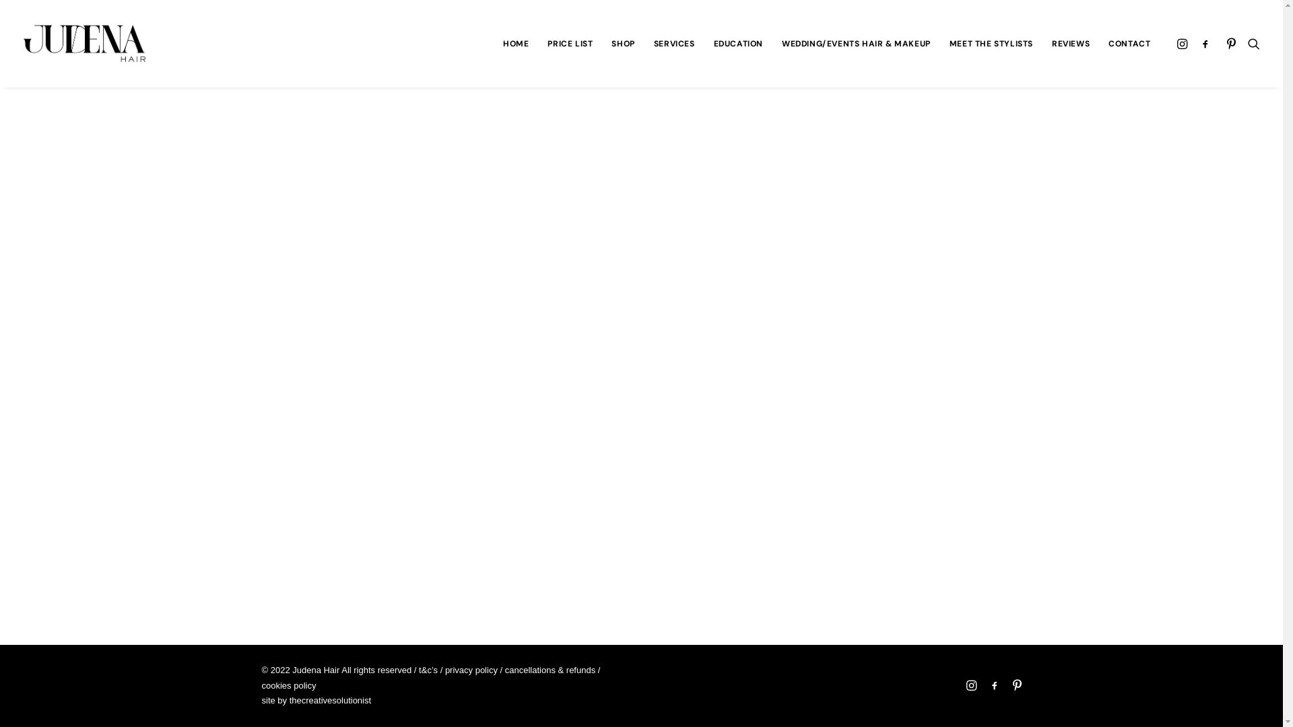 The height and width of the screenshot is (727, 1293). I want to click on 'SERVICES', so click(674, 42).